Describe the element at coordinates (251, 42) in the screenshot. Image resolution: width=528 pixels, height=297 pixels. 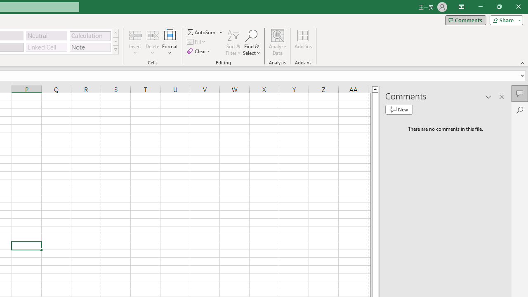
I see `'Find & Select'` at that location.